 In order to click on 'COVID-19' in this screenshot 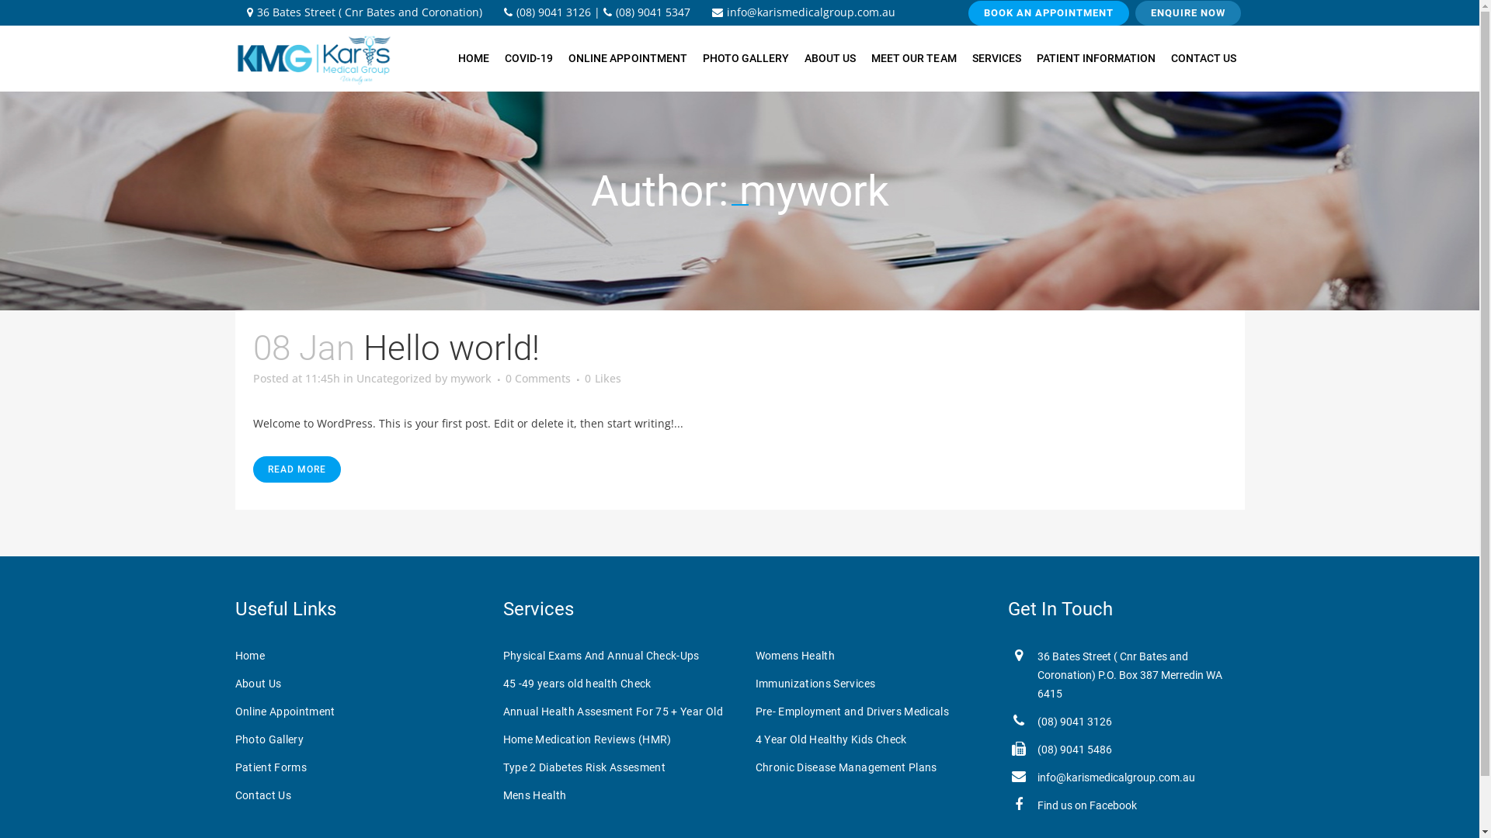, I will do `click(495, 57)`.